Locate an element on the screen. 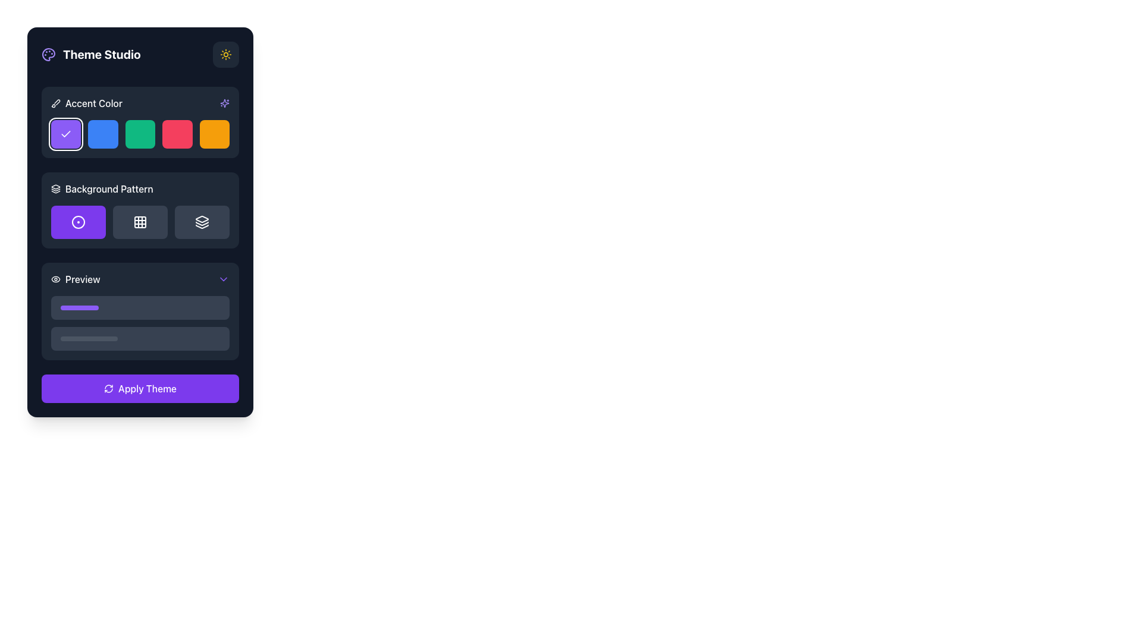 The height and width of the screenshot is (642, 1142). the Decorative progress bar or status indicator located under the 'Preview' section of the interface is located at coordinates (79, 307).